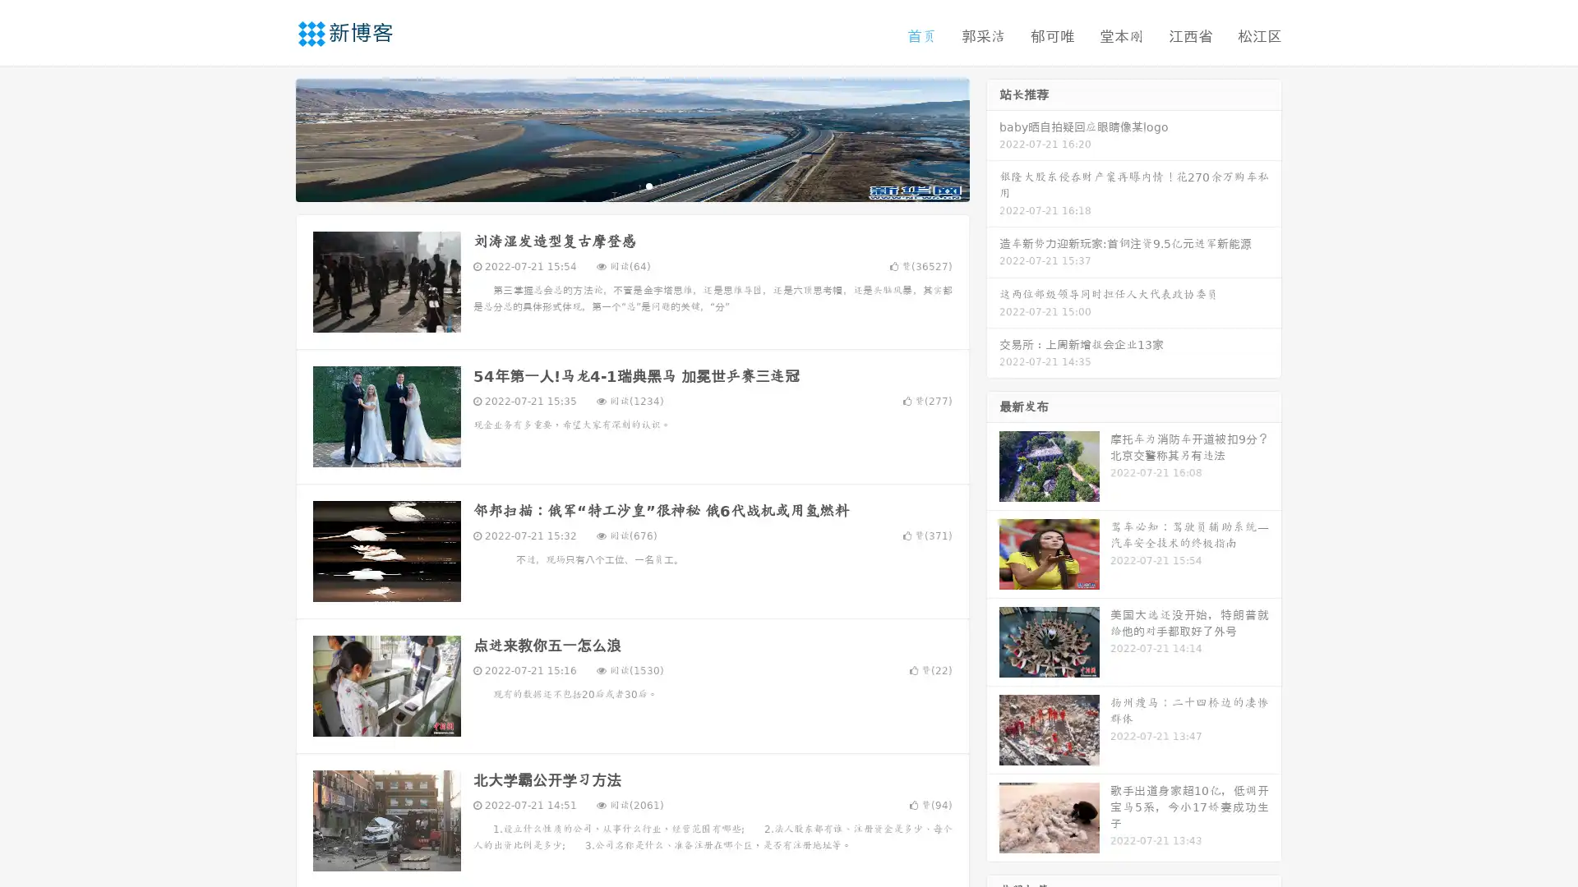  What do you see at coordinates (648, 185) in the screenshot?
I see `Go to slide 3` at bounding box center [648, 185].